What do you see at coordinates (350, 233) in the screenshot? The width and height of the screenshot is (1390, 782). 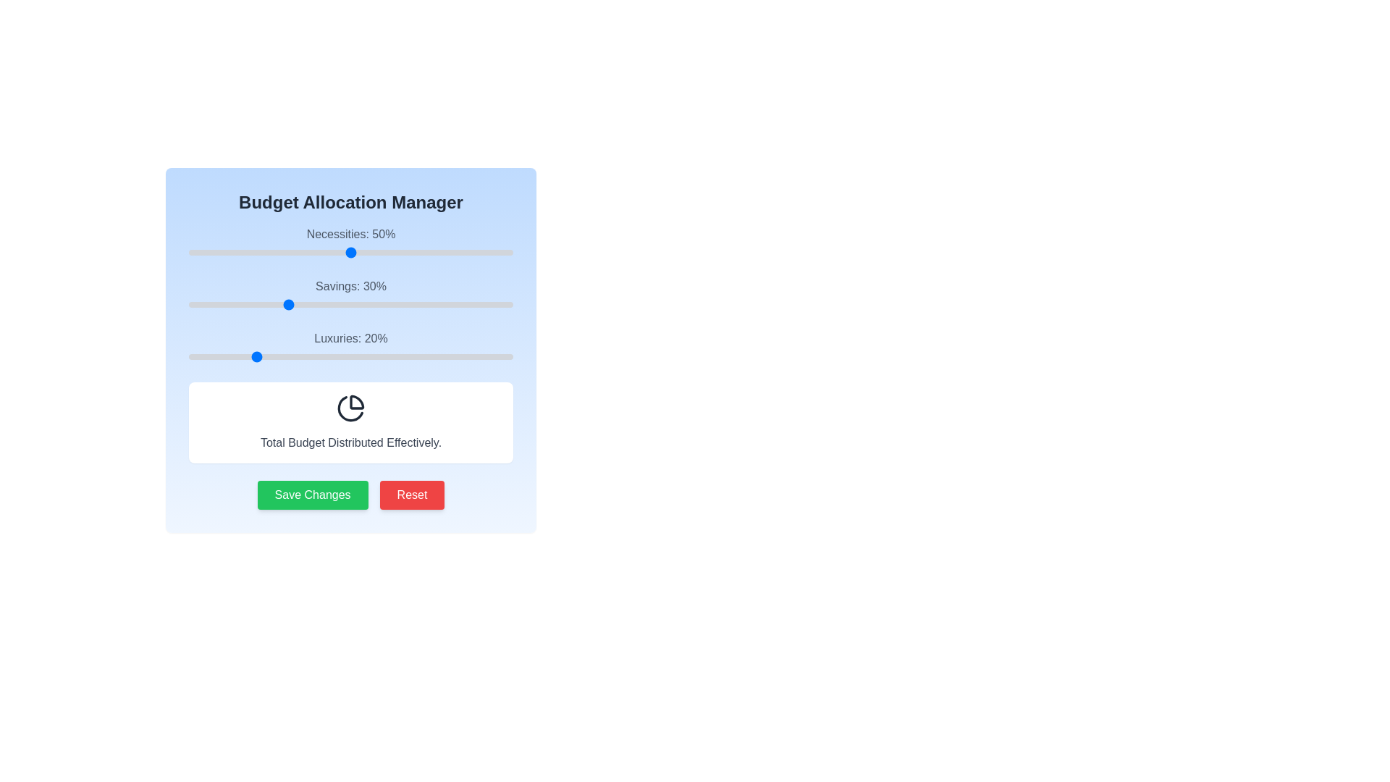 I see `the text label reading 'Necessities: 50%' which is styled with a gray color and located above the slider component in the 'Necessities' section` at bounding box center [350, 233].